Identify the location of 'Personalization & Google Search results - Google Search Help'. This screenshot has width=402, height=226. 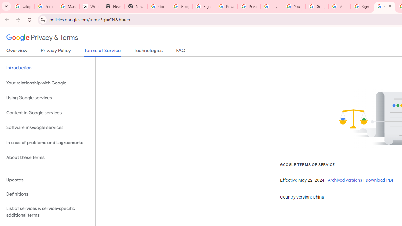
(45, 6).